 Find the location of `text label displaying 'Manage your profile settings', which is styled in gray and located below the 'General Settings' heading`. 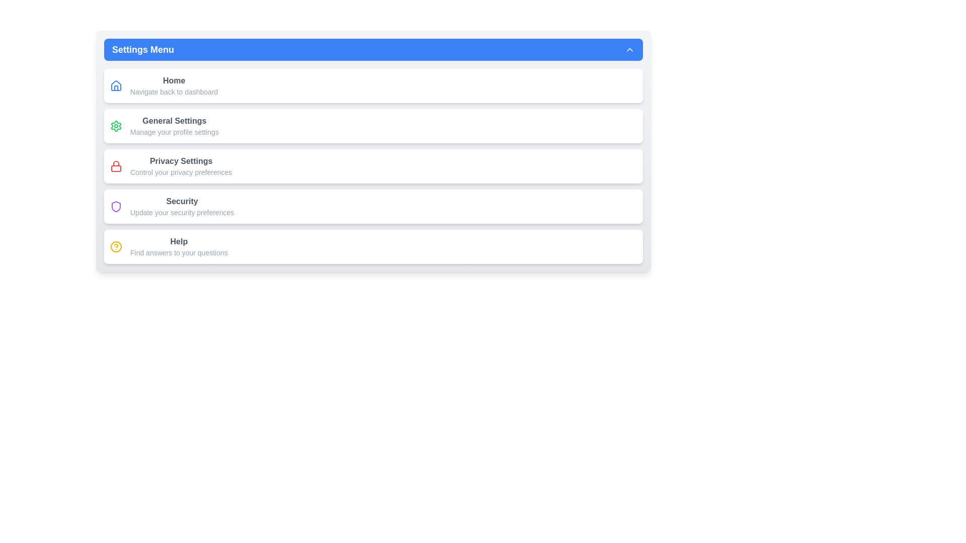

text label displaying 'Manage your profile settings', which is styled in gray and located below the 'General Settings' heading is located at coordinates (174, 131).